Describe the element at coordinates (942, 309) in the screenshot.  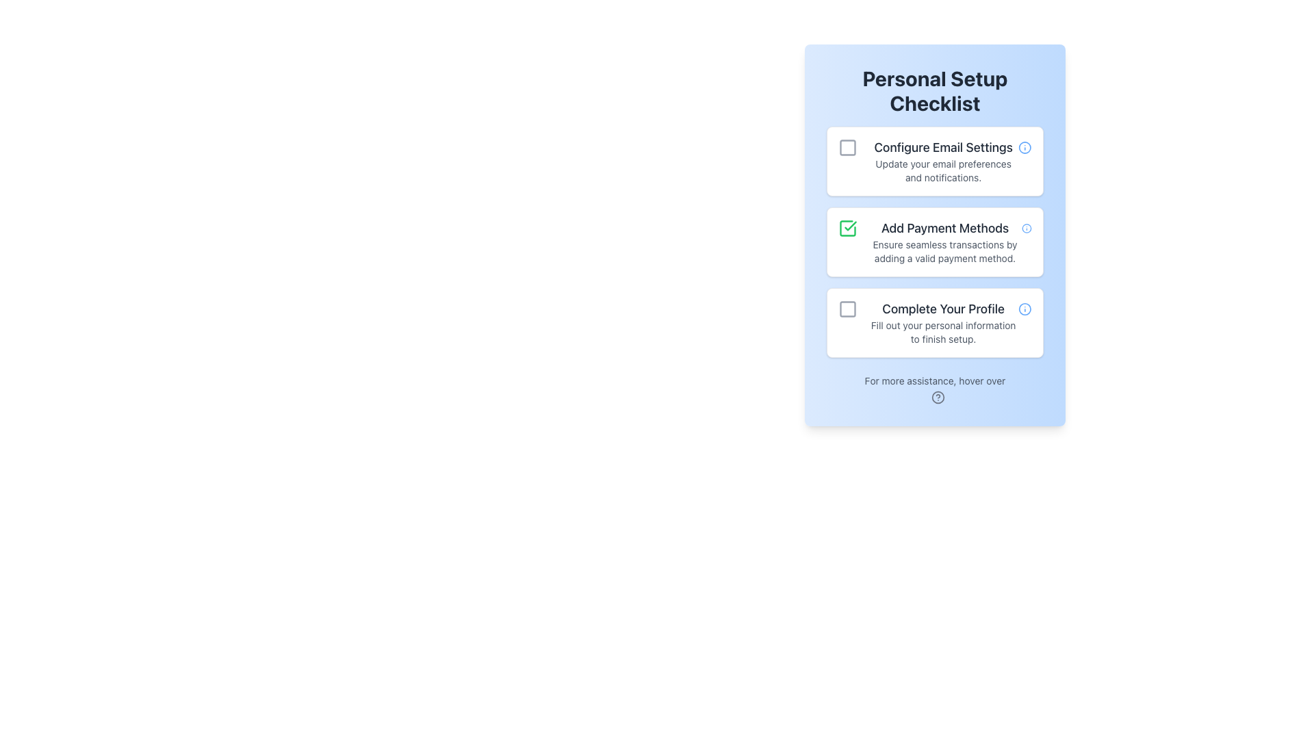
I see `the title text 'Complete Your Profile', which is styled with a large bold font and dark gray color, located above a description text and to the right of a checkbox in the third checklist item` at that location.